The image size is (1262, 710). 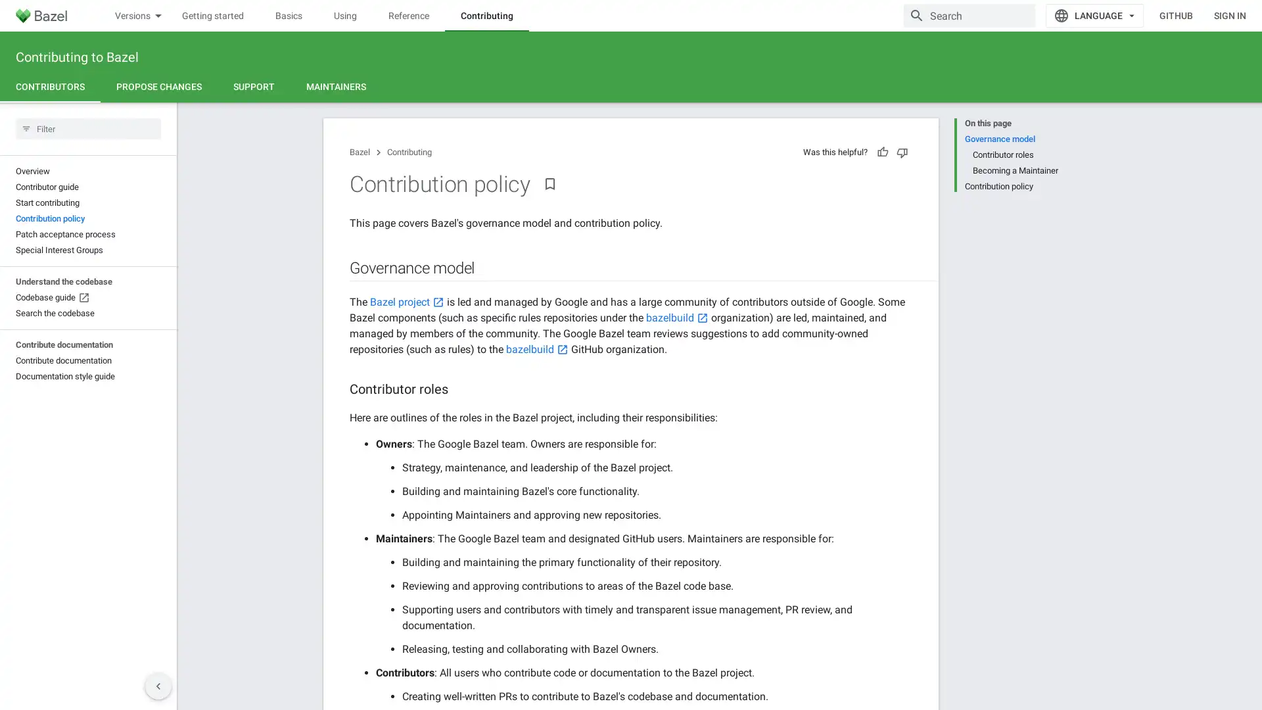 I want to click on Not helpful, so click(x=901, y=151).